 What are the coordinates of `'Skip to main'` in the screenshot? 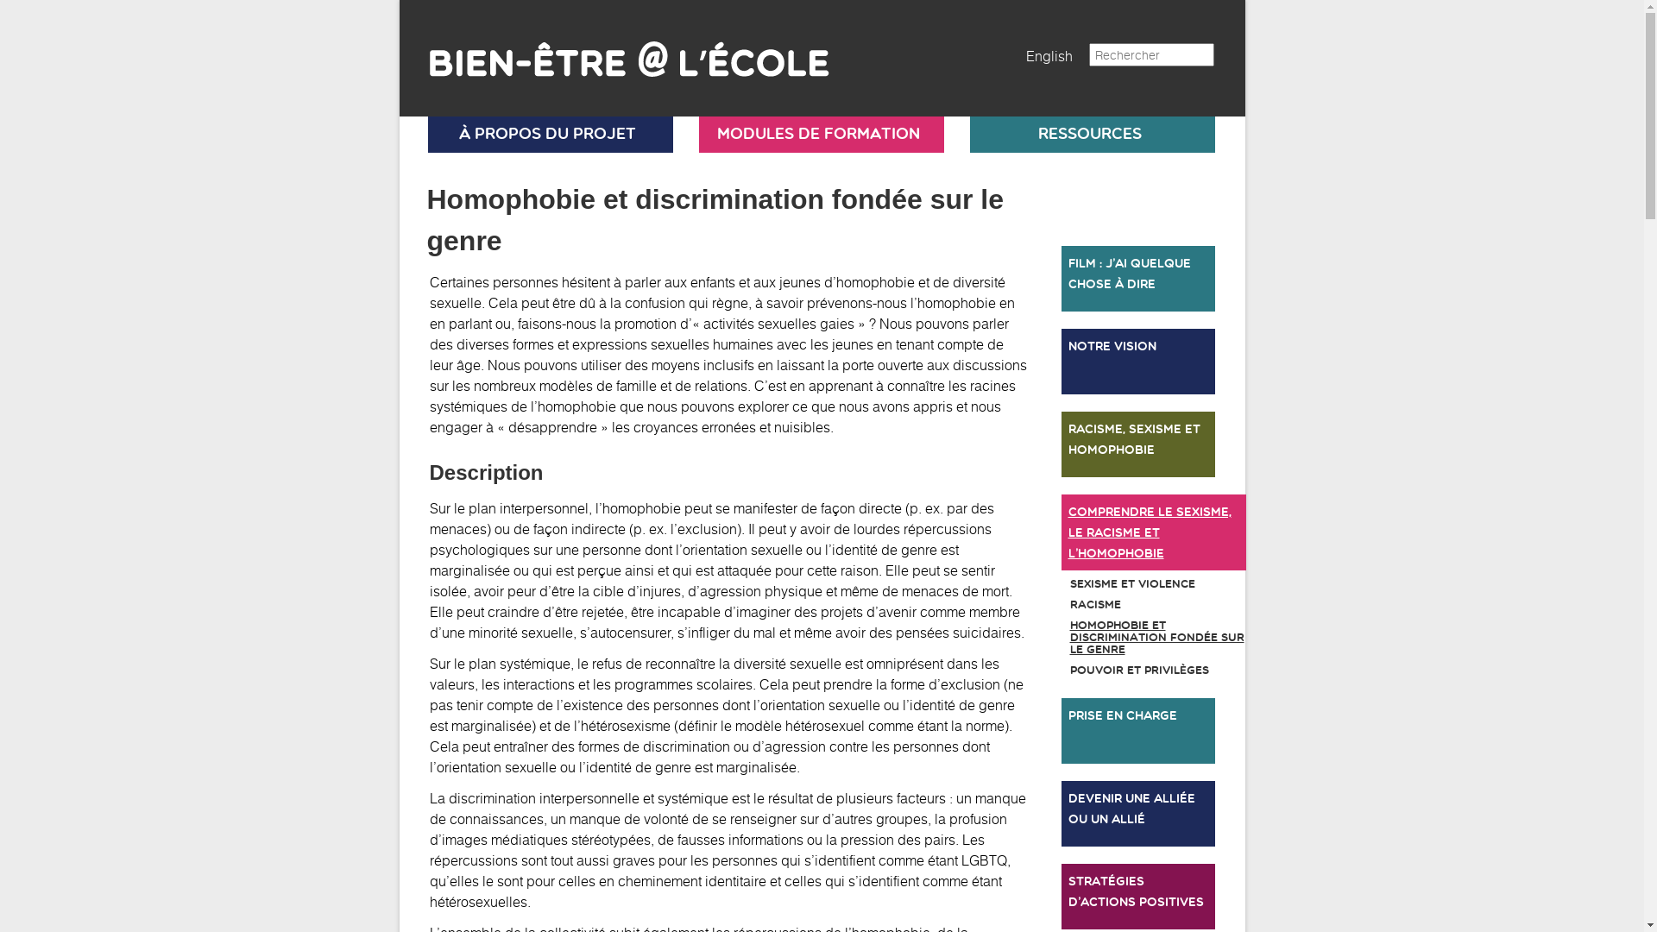 It's located at (398, 0).